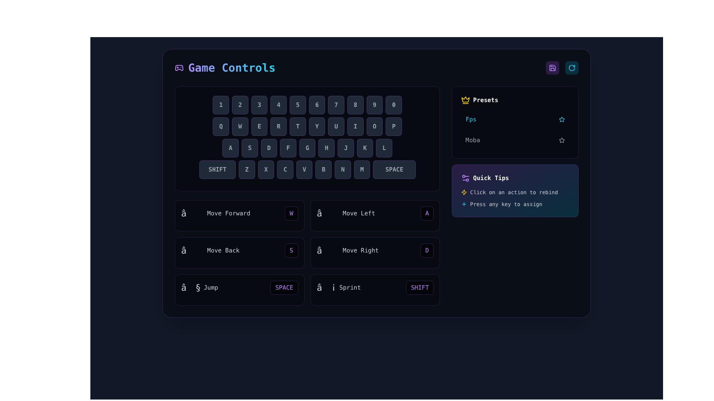 This screenshot has width=714, height=401. I want to click on the 'Move Right' control input for advanced options, so click(375, 251).